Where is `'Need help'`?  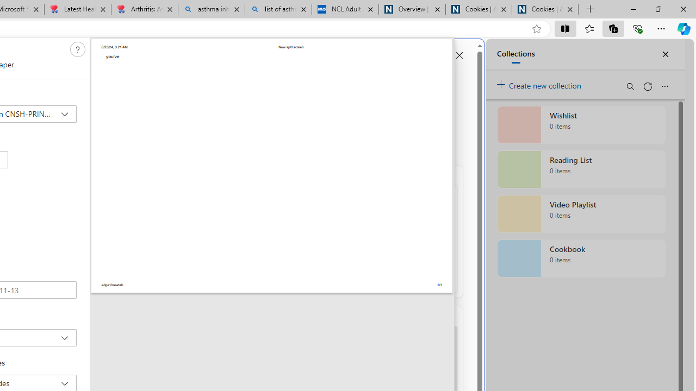
'Need help' is located at coordinates (77, 49).